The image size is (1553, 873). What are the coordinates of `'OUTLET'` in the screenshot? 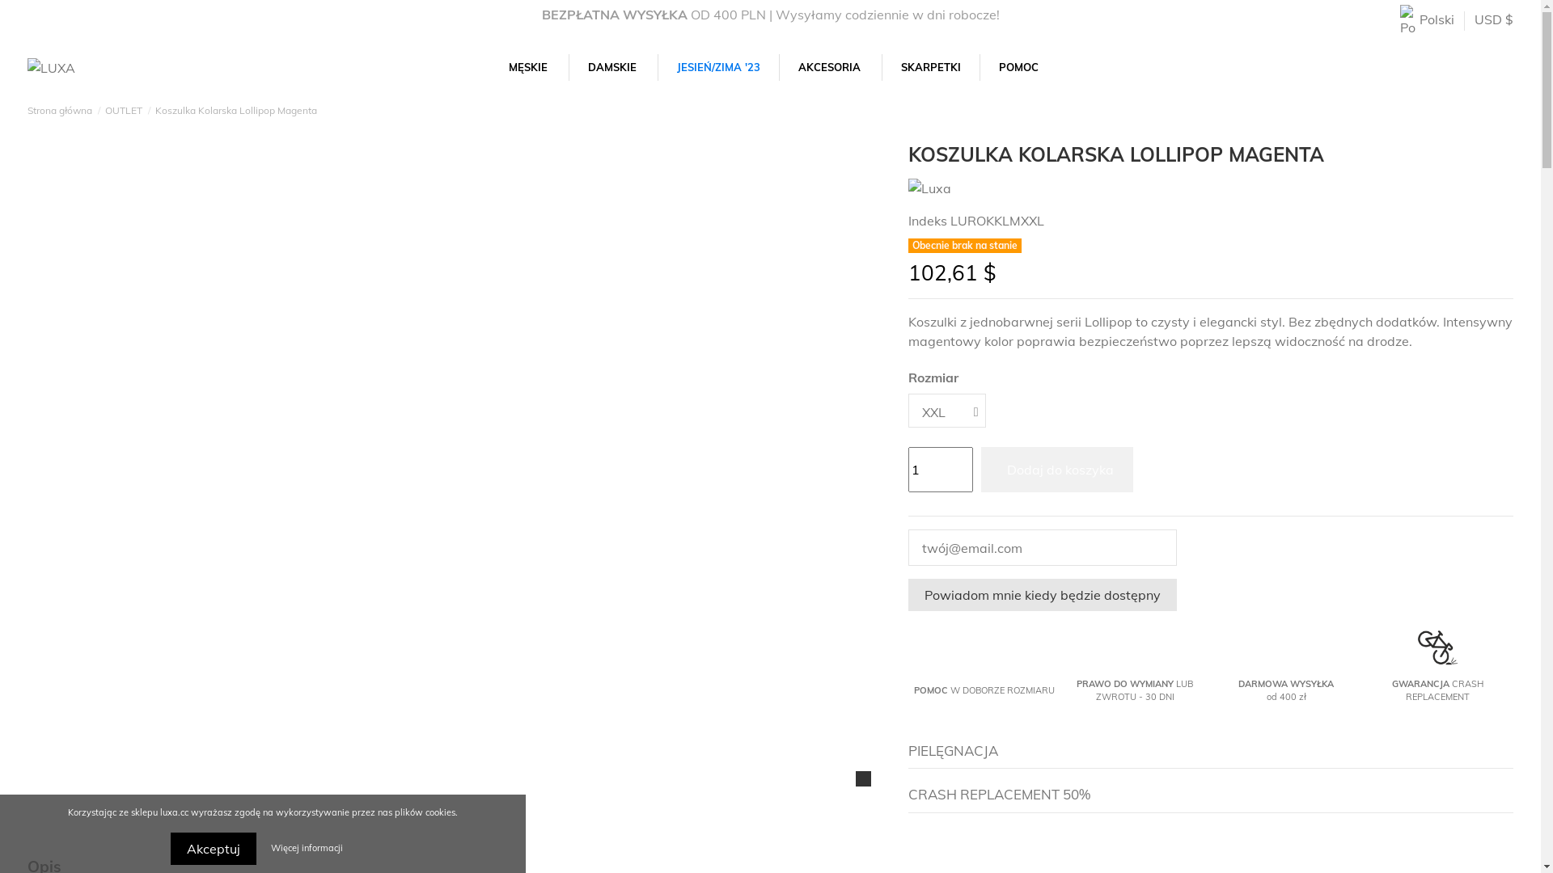 It's located at (123, 109).